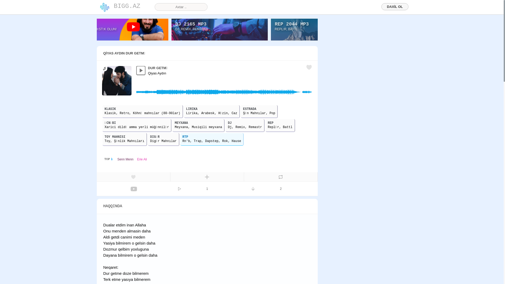 This screenshot has height=284, width=505. What do you see at coordinates (291, 24) in the screenshot?
I see `'REP 2044 MP3'` at bounding box center [291, 24].